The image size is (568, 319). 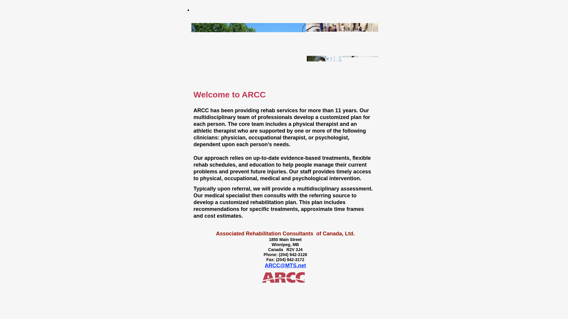 I want to click on 'ARCC@MTS.net', so click(x=264, y=265).